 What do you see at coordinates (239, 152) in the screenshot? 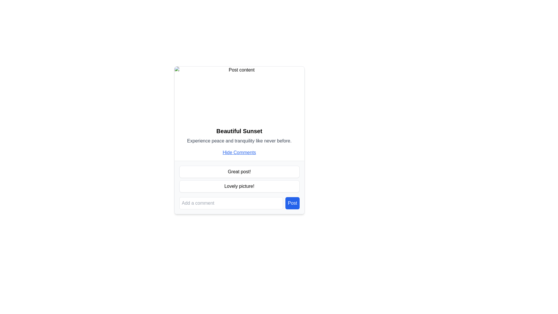
I see `the 'Hide Comments' hyperlink, which is styled in blue with an underline and positioned below the descriptive text 'Experience peace and tranquility like never before.'` at bounding box center [239, 152].